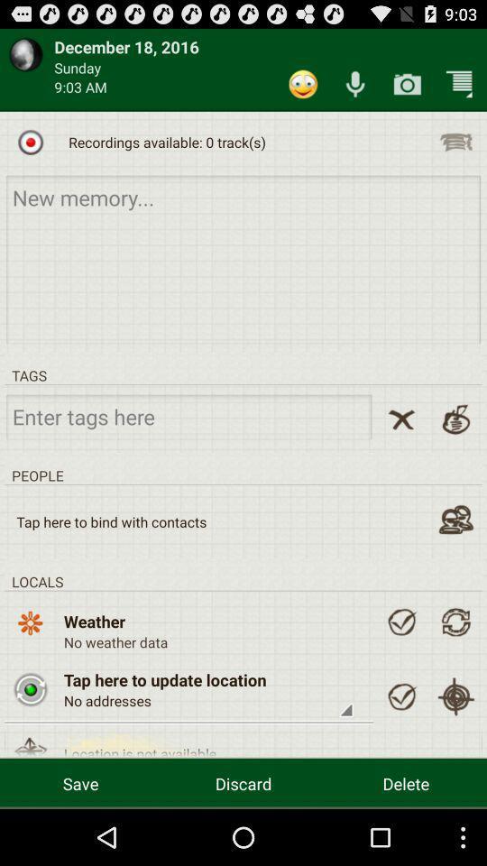 The image size is (487, 866). What do you see at coordinates (455, 141) in the screenshot?
I see `recording` at bounding box center [455, 141].